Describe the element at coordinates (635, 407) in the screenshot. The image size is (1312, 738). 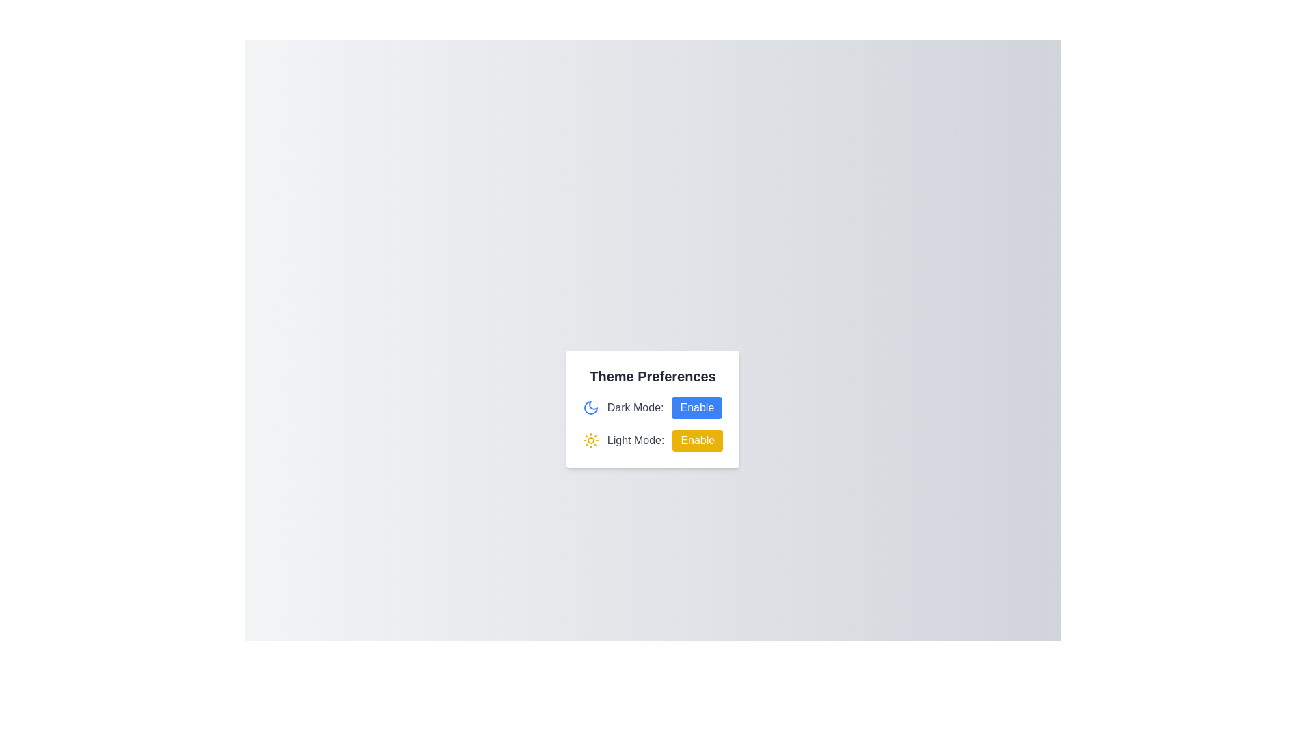
I see `the Text Label displaying 'Dark Mode:' which is styled in gray color and positioned next to the 'Enable' button in the 'Theme Preferences' settings card` at that location.